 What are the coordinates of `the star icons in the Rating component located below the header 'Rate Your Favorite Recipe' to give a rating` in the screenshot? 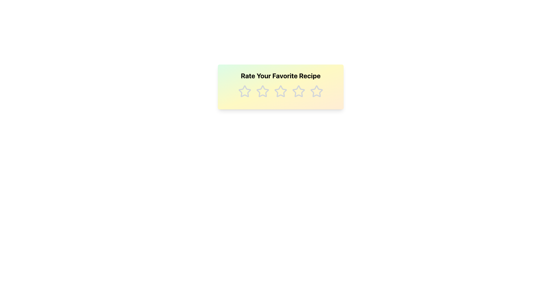 It's located at (280, 91).